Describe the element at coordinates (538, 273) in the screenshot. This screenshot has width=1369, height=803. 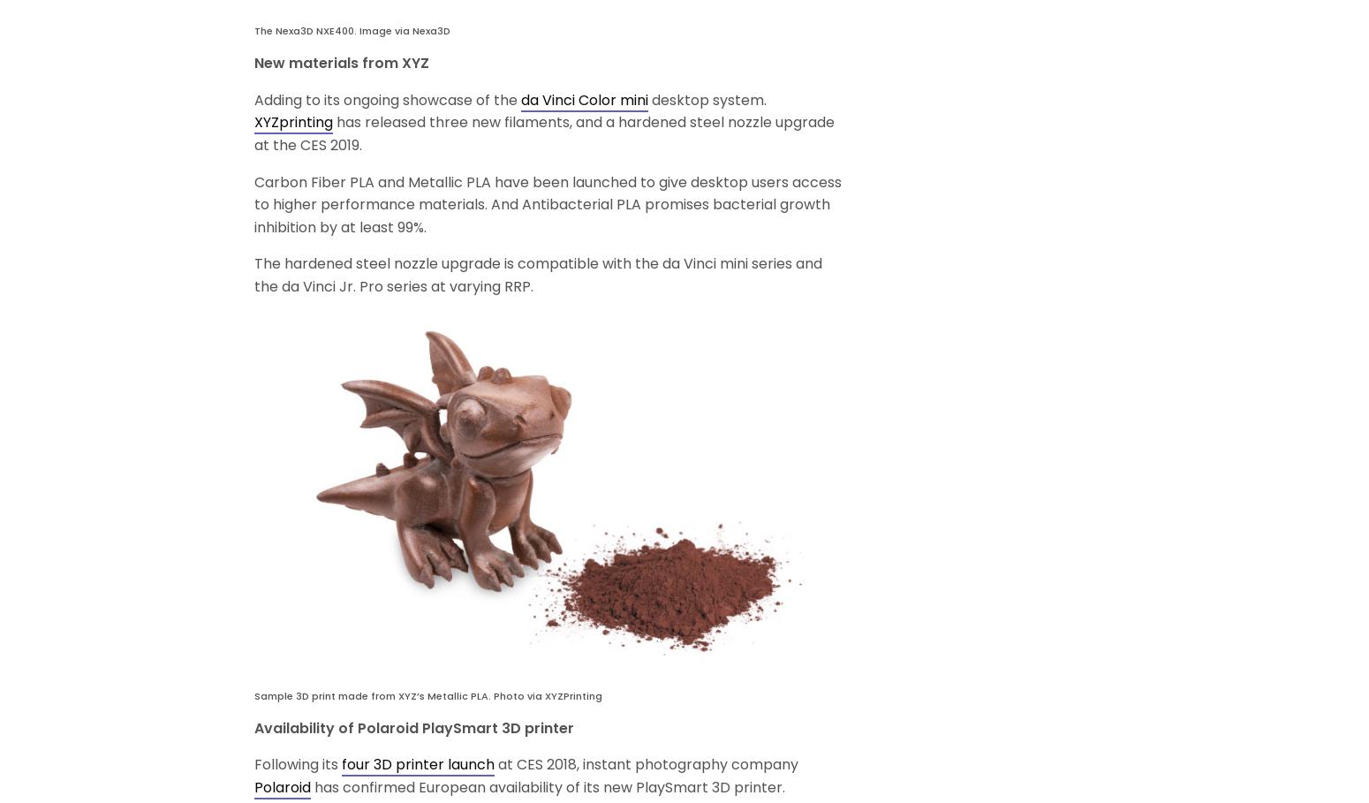
I see `'The hardened steel nozzle upgrade is compatible with the da Vinci mini series and the da Vinci Jr. Pro series at varying RRP.'` at that location.